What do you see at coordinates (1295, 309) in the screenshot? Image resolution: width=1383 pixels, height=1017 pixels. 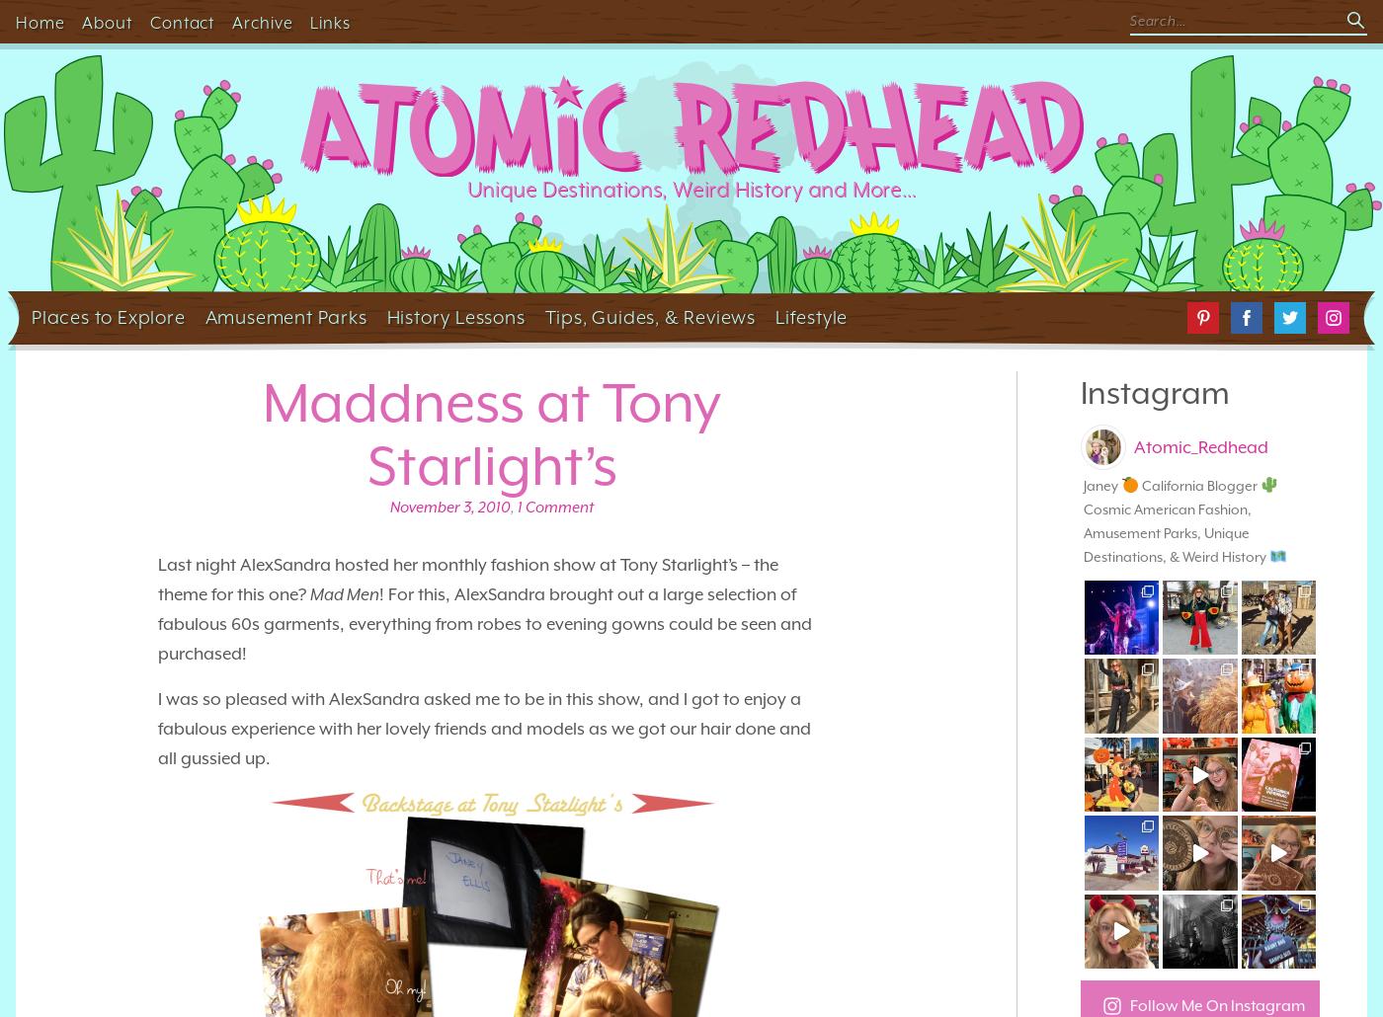 I see `'Twitter'` at bounding box center [1295, 309].